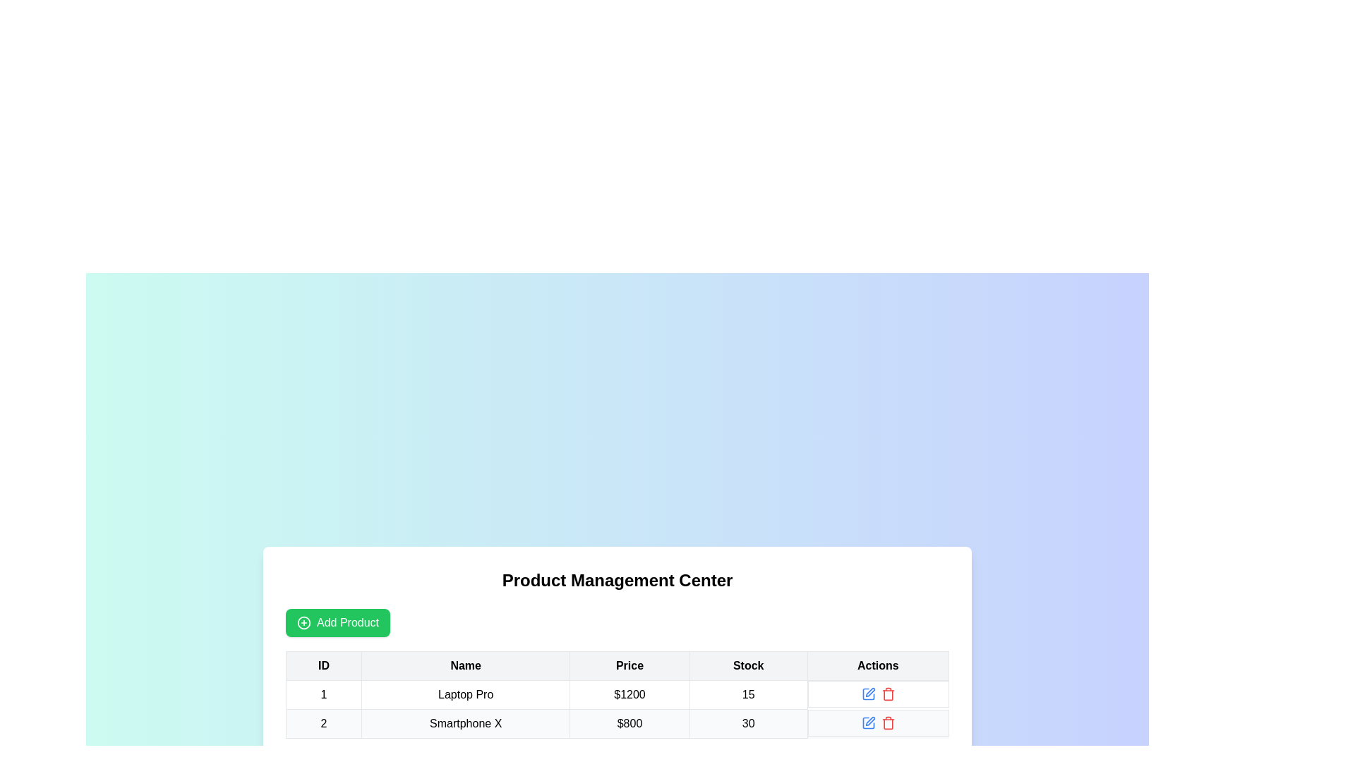 The width and height of the screenshot is (1355, 762). What do you see at coordinates (867, 693) in the screenshot?
I see `the edit button located in the 'Actions' column of the second row of the table under the 'Product Management Center' heading` at bounding box center [867, 693].